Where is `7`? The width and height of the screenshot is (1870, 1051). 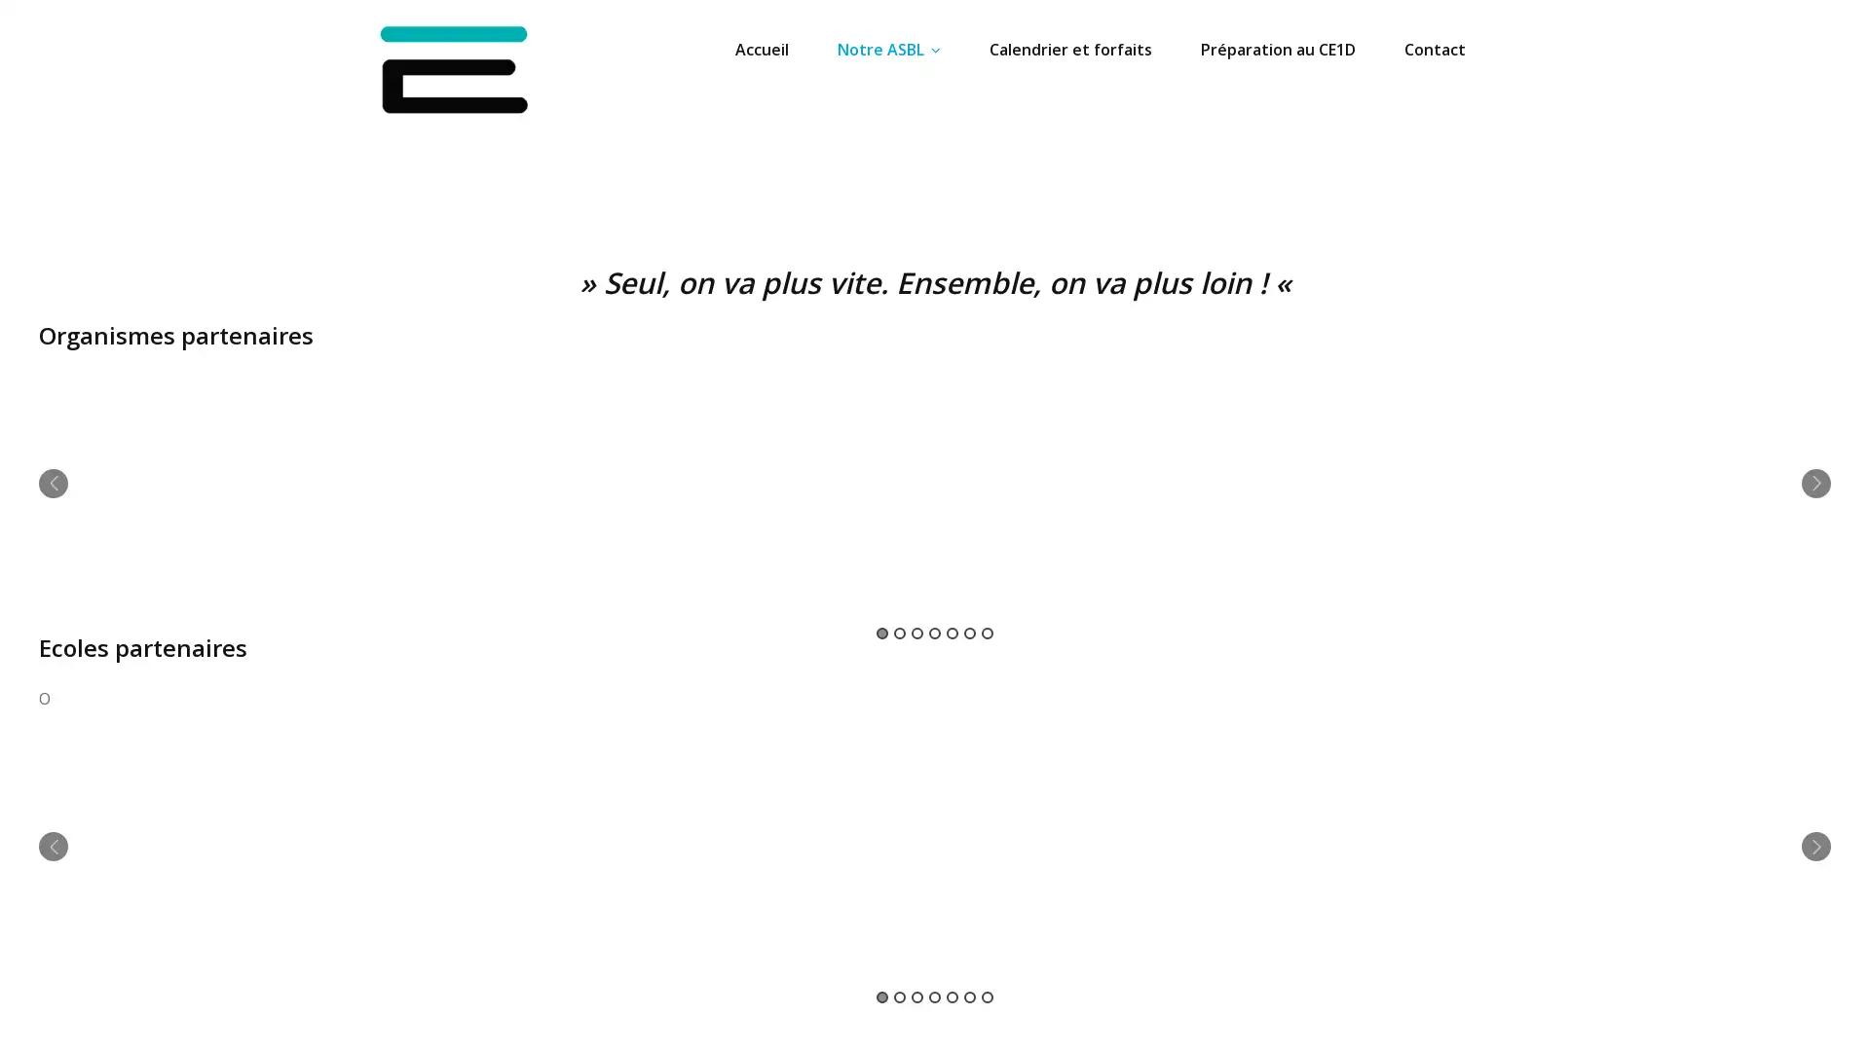 7 is located at coordinates (987, 996).